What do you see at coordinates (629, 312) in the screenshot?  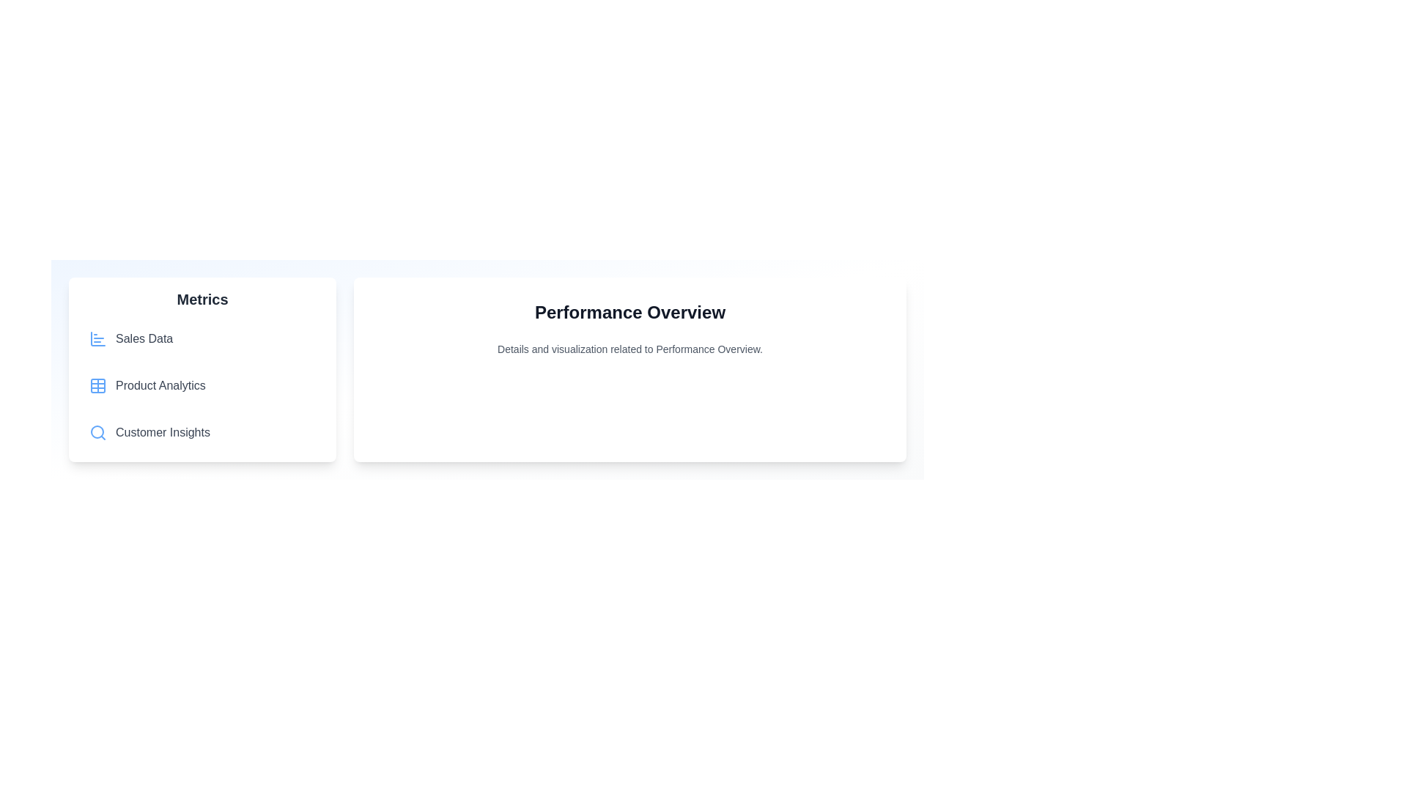 I see `the Text Label that serves as a title or header above the section introducing the content related to Performance Overview` at bounding box center [629, 312].